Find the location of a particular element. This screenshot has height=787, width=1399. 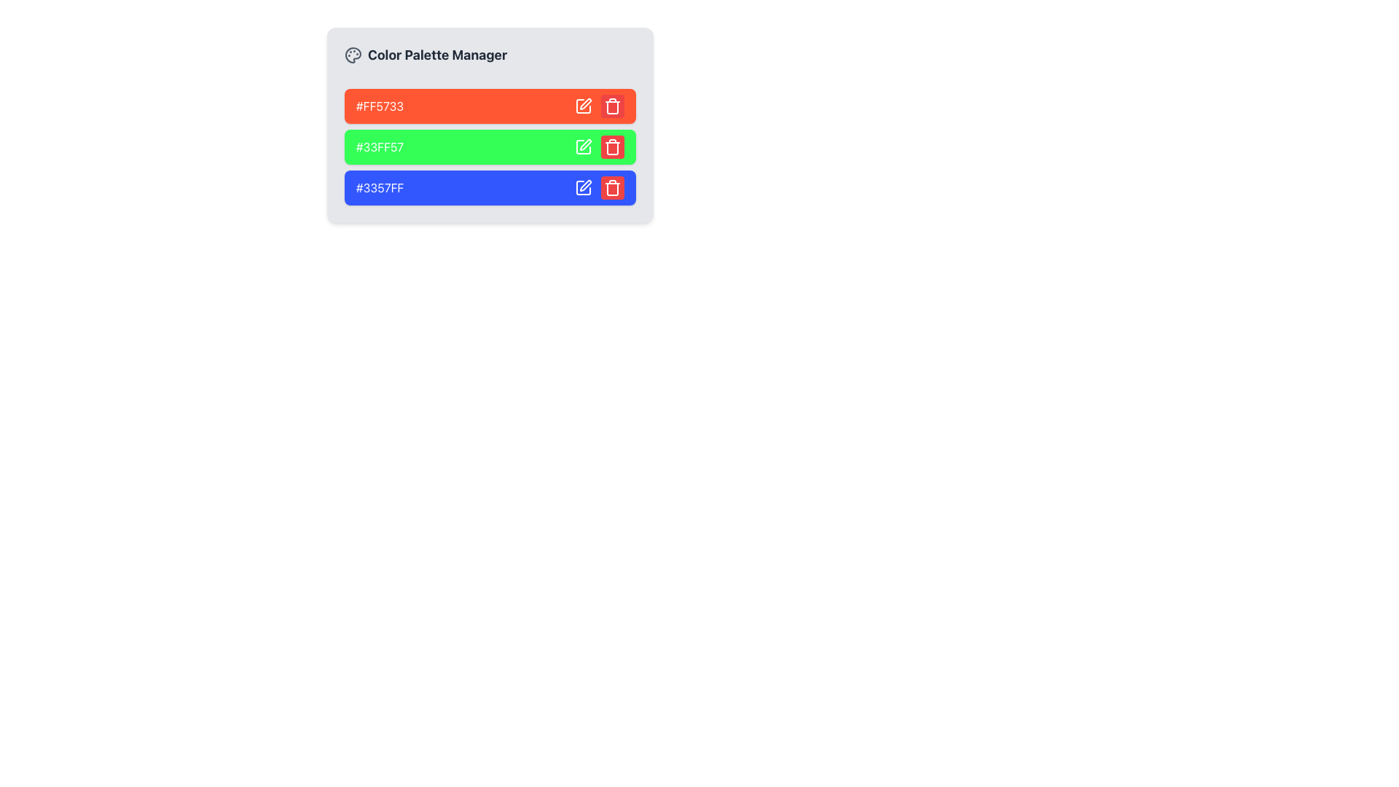

the green color block in the 'Color Palette Manager' is located at coordinates (490, 146).